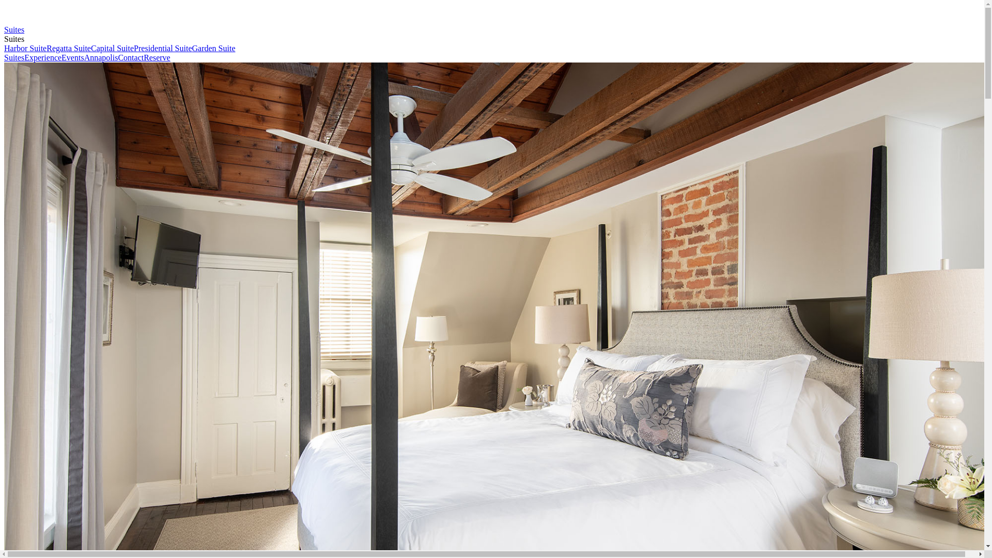 Image resolution: width=992 pixels, height=558 pixels. Describe the element at coordinates (112, 48) in the screenshot. I see `'Capital Suite'` at that location.